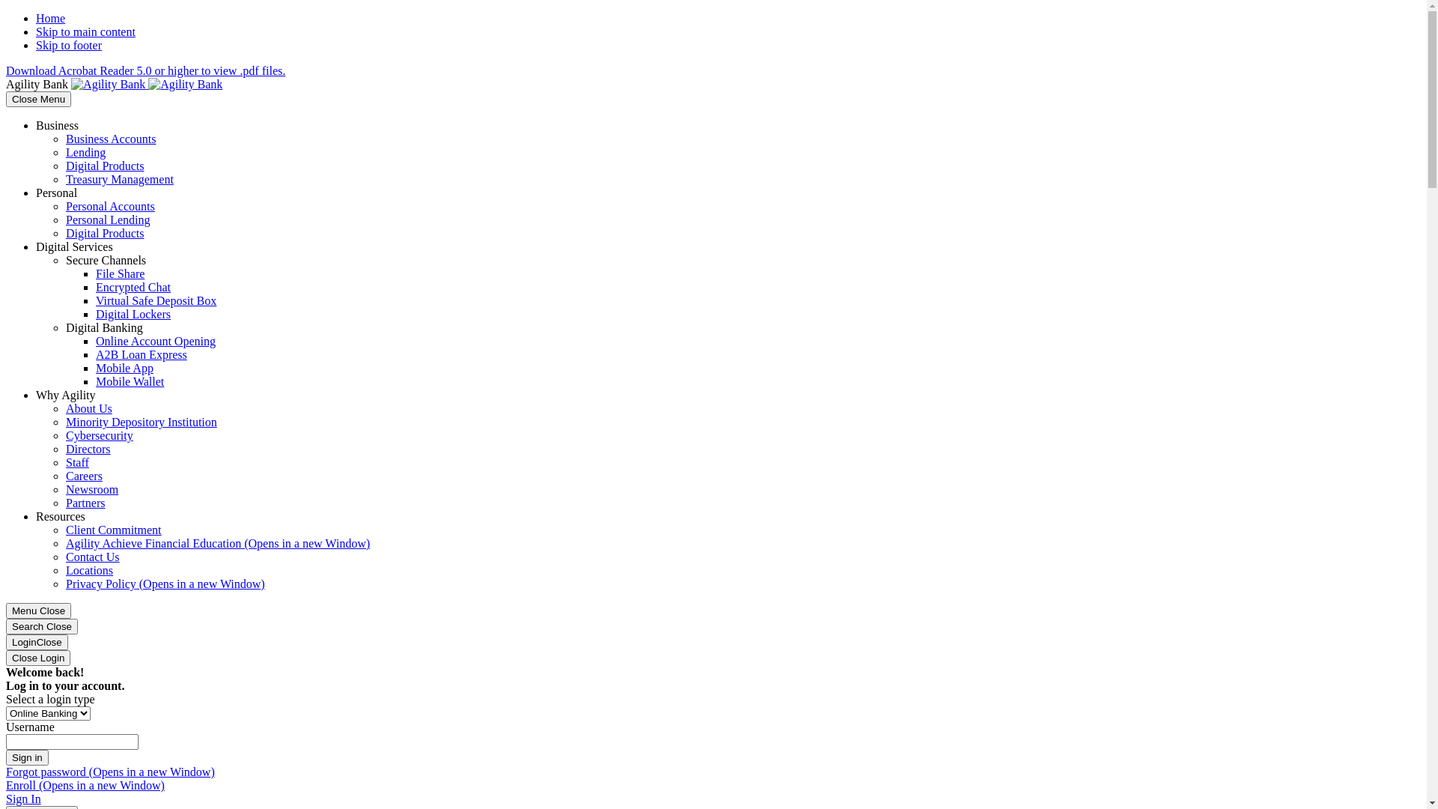 Image resolution: width=1438 pixels, height=809 pixels. Describe the element at coordinates (37, 641) in the screenshot. I see `'LoginClose'` at that location.